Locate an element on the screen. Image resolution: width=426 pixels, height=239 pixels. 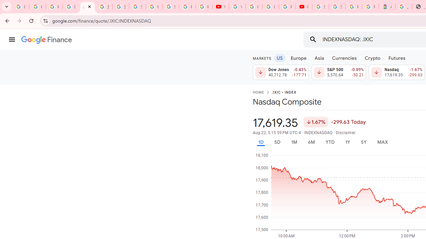
'5D' is located at coordinates (277, 142).